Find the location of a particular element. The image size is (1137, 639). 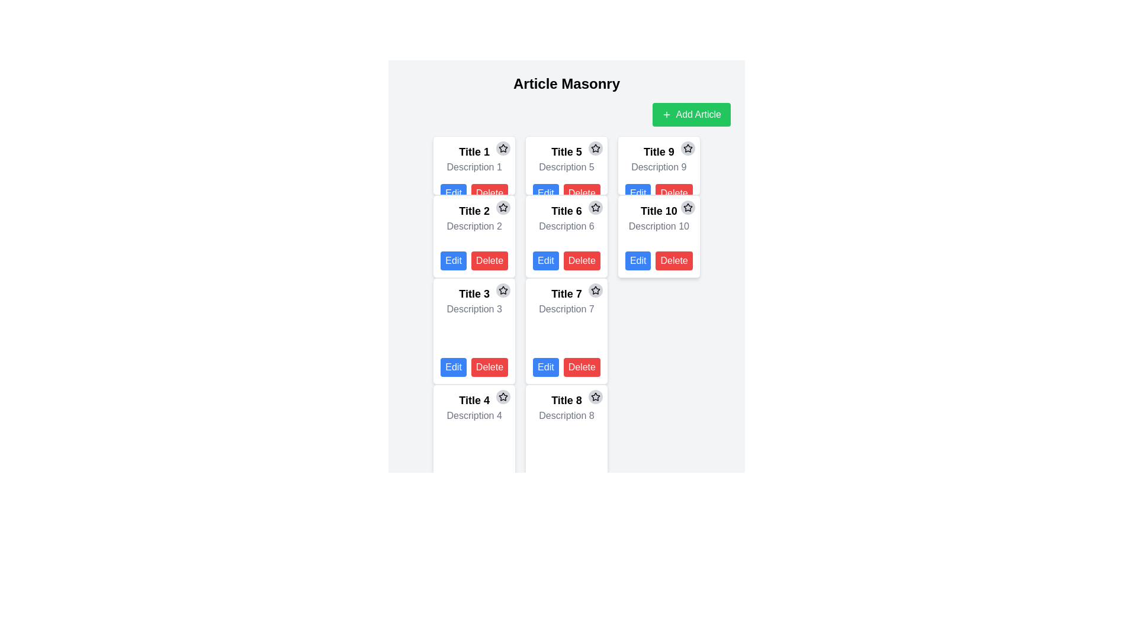

the Text label displaying 'Description 1', which is styled in gray and located beneath the bold title 'Title 1' in the first card layout is located at coordinates (474, 167).